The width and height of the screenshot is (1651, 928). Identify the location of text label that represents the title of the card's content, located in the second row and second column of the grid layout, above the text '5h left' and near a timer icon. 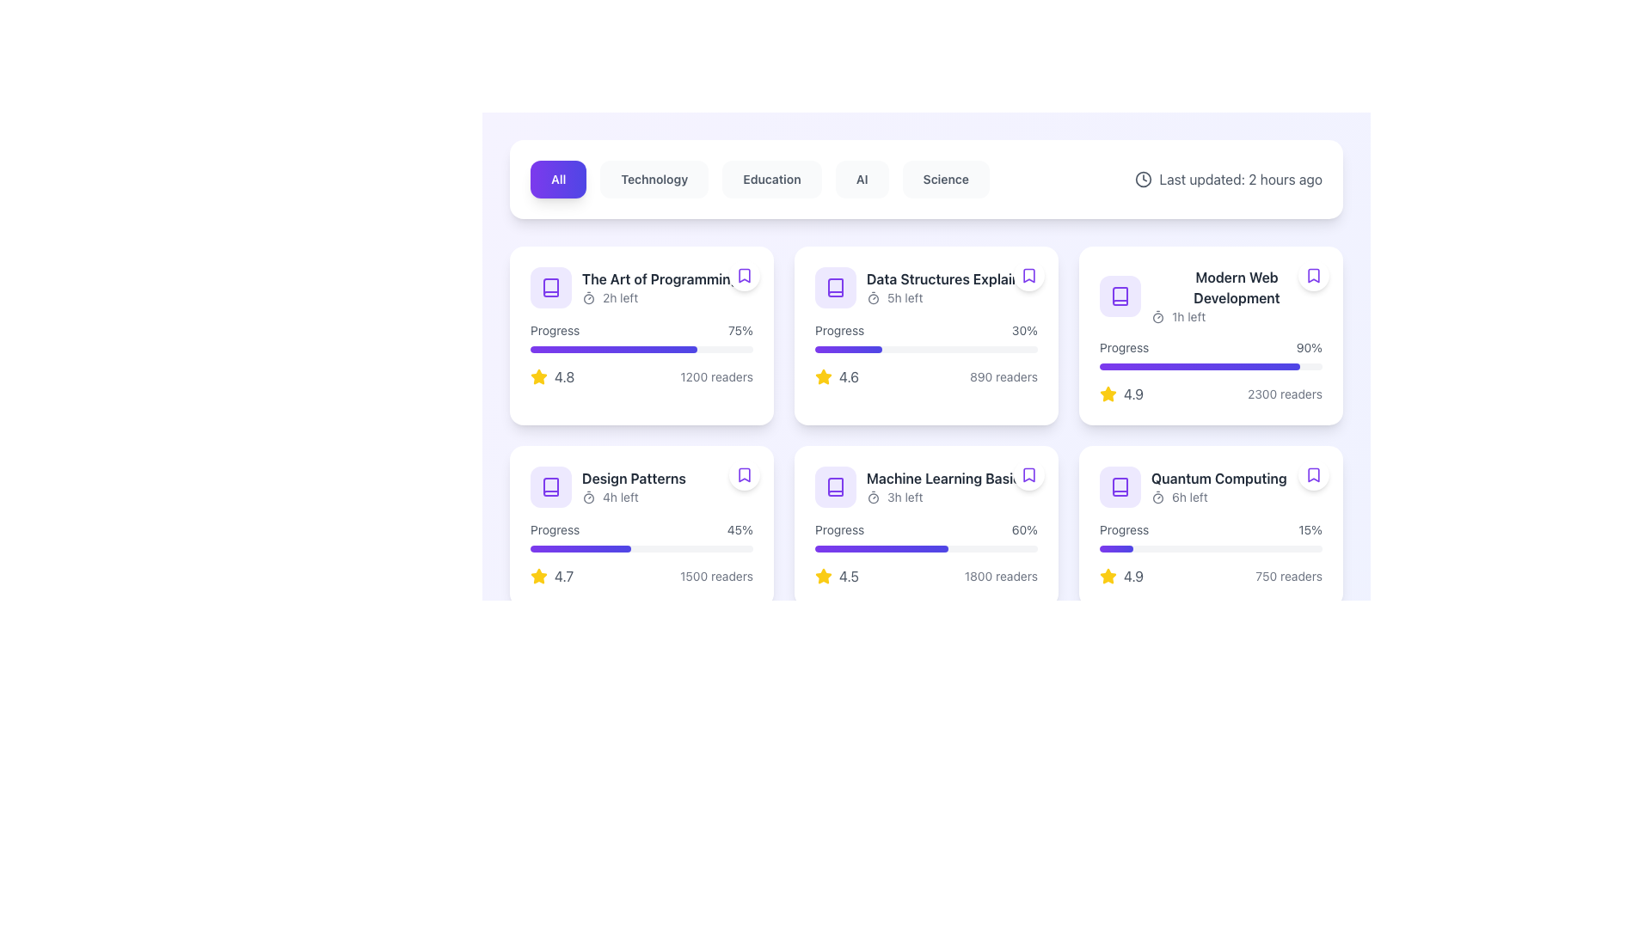
(950, 278).